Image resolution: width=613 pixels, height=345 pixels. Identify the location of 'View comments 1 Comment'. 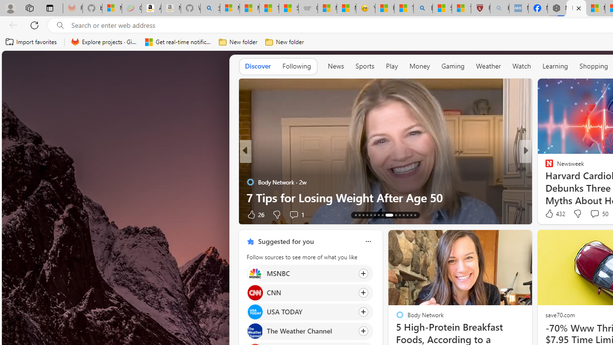
(295, 214).